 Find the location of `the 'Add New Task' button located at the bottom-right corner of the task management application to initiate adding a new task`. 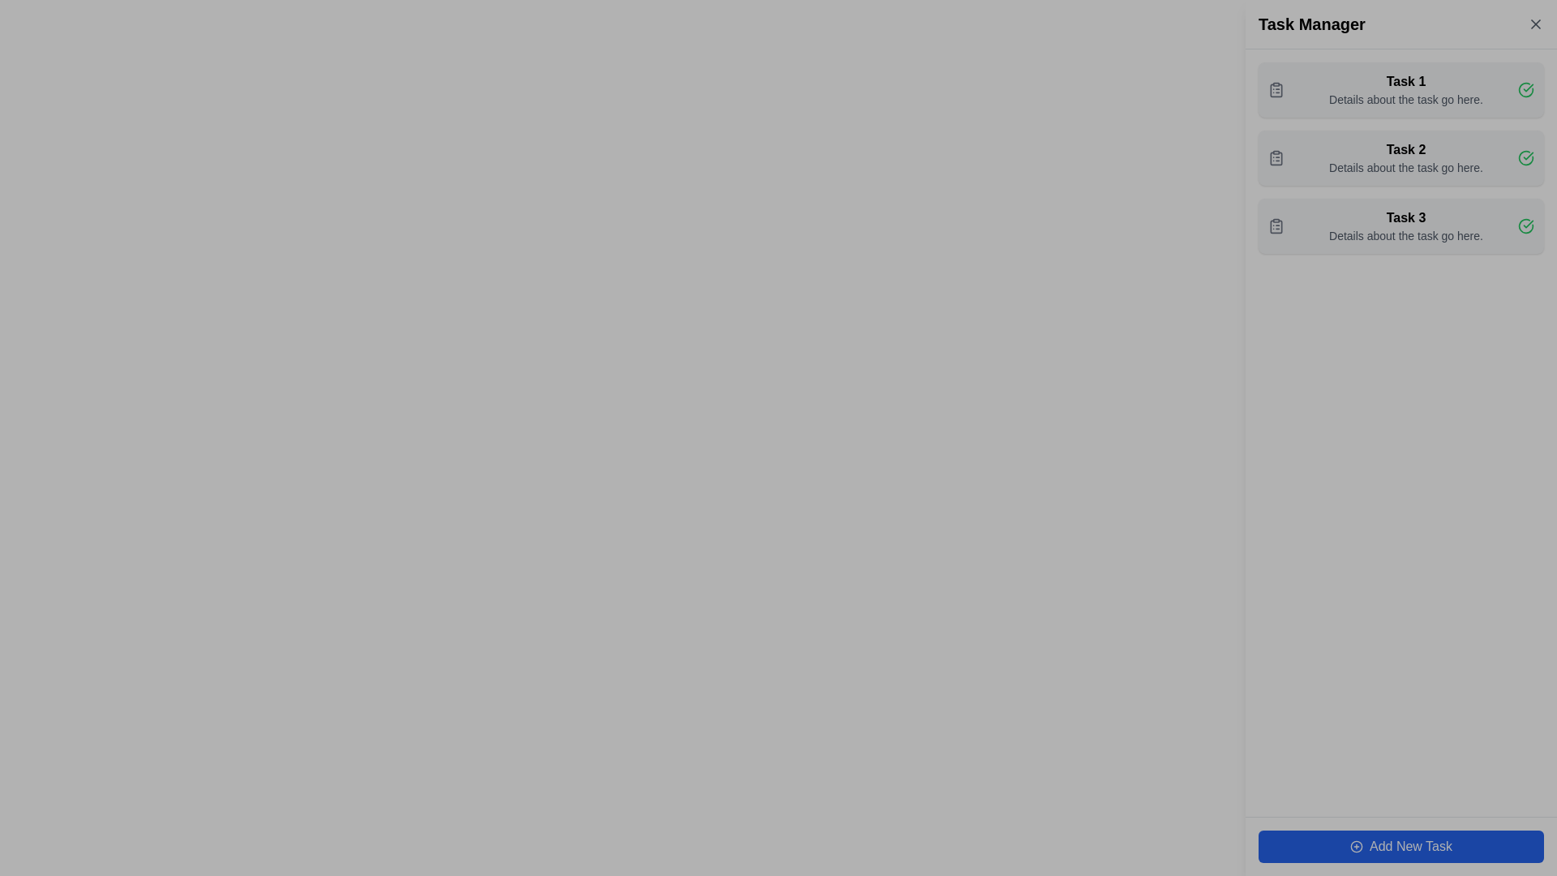

the 'Add New Task' button located at the bottom-right corner of the task management application to initiate adding a new task is located at coordinates (1400, 846).